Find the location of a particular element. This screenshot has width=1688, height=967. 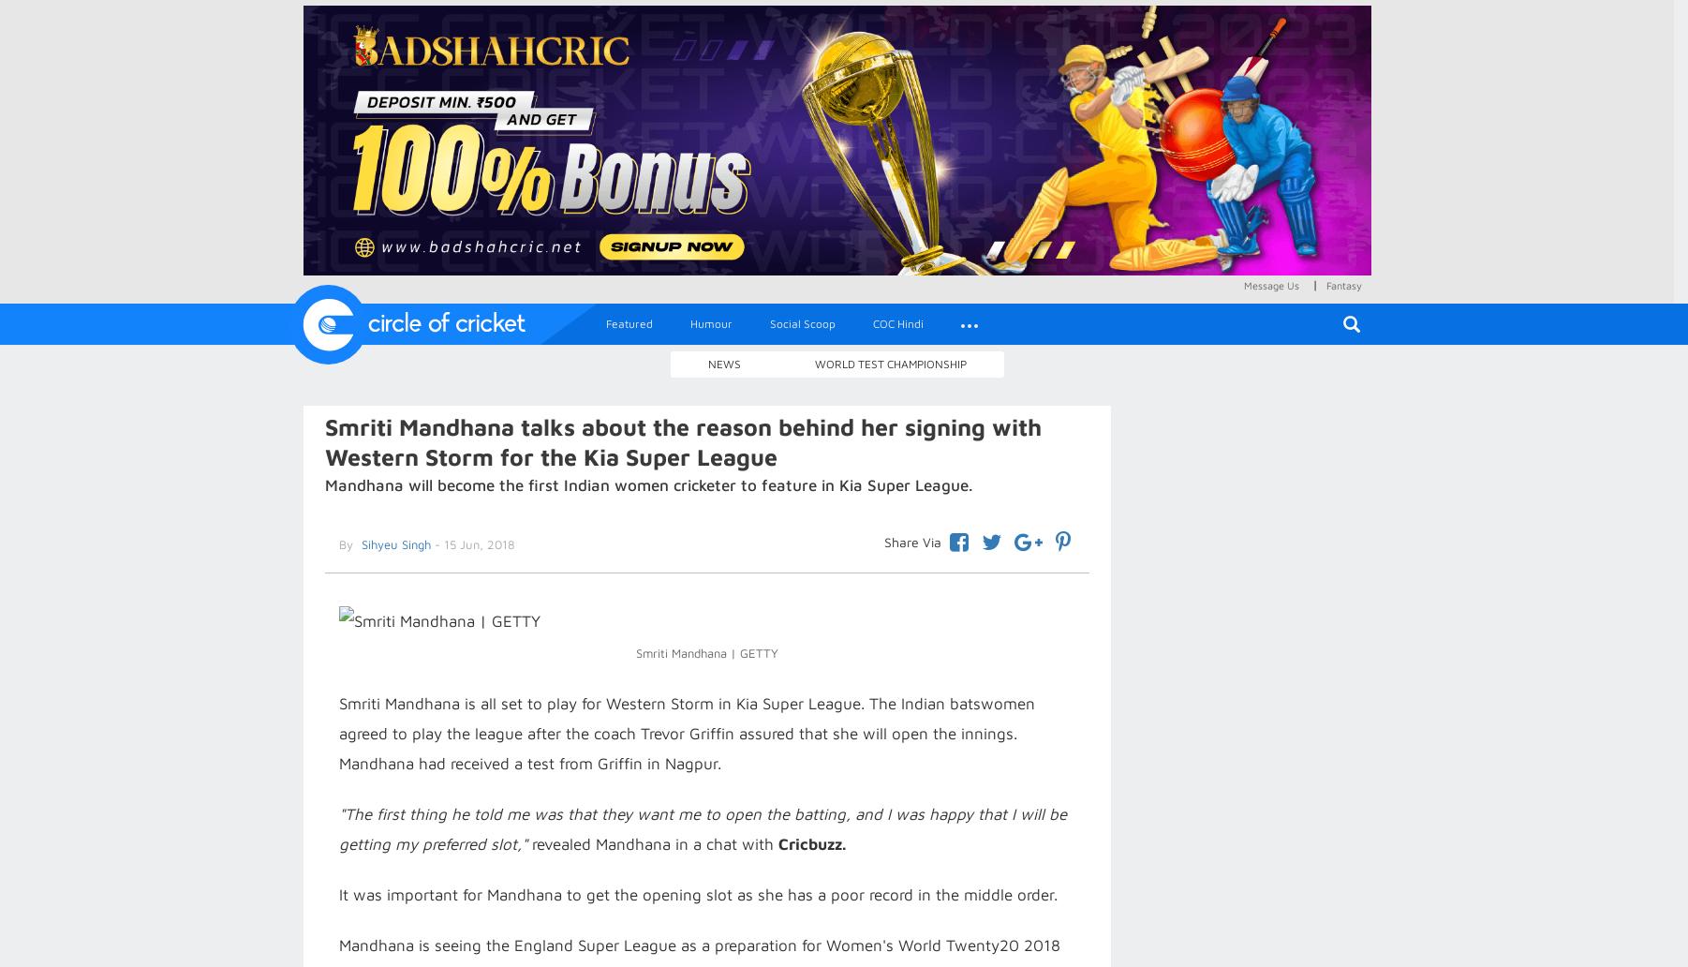

'Cricbuzz.' is located at coordinates (811, 844).